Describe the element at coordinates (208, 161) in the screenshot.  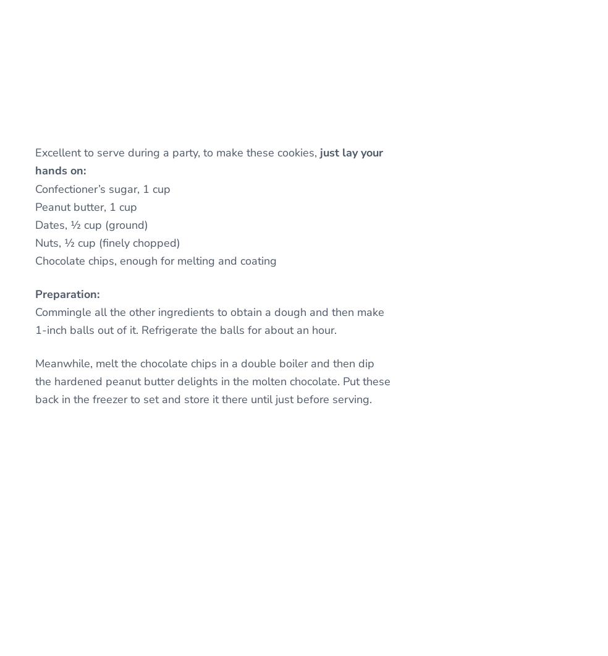
I see `'just lay your hands on:'` at that location.